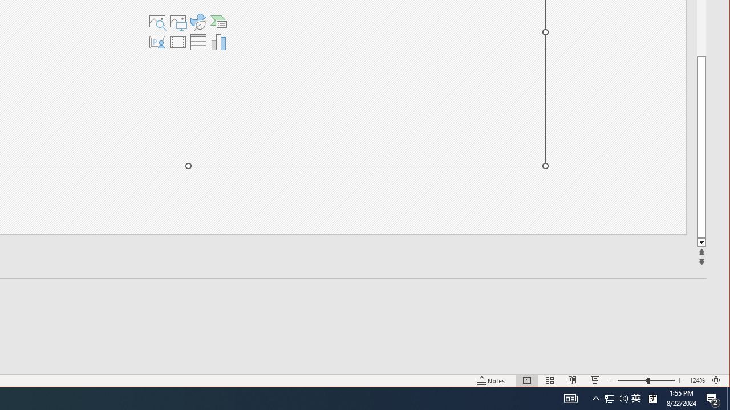 The width and height of the screenshot is (730, 410). I want to click on 'Insert Table', so click(198, 42).